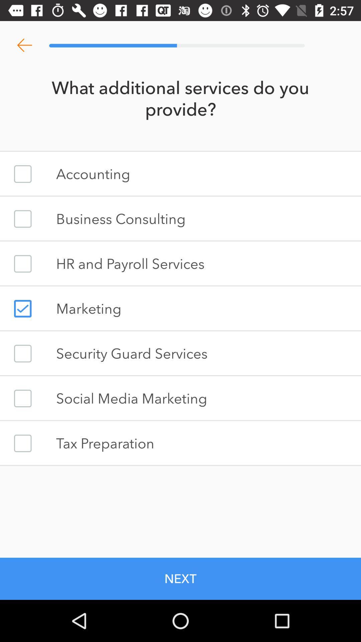 The height and width of the screenshot is (642, 361). I want to click on the next item, so click(180, 578).